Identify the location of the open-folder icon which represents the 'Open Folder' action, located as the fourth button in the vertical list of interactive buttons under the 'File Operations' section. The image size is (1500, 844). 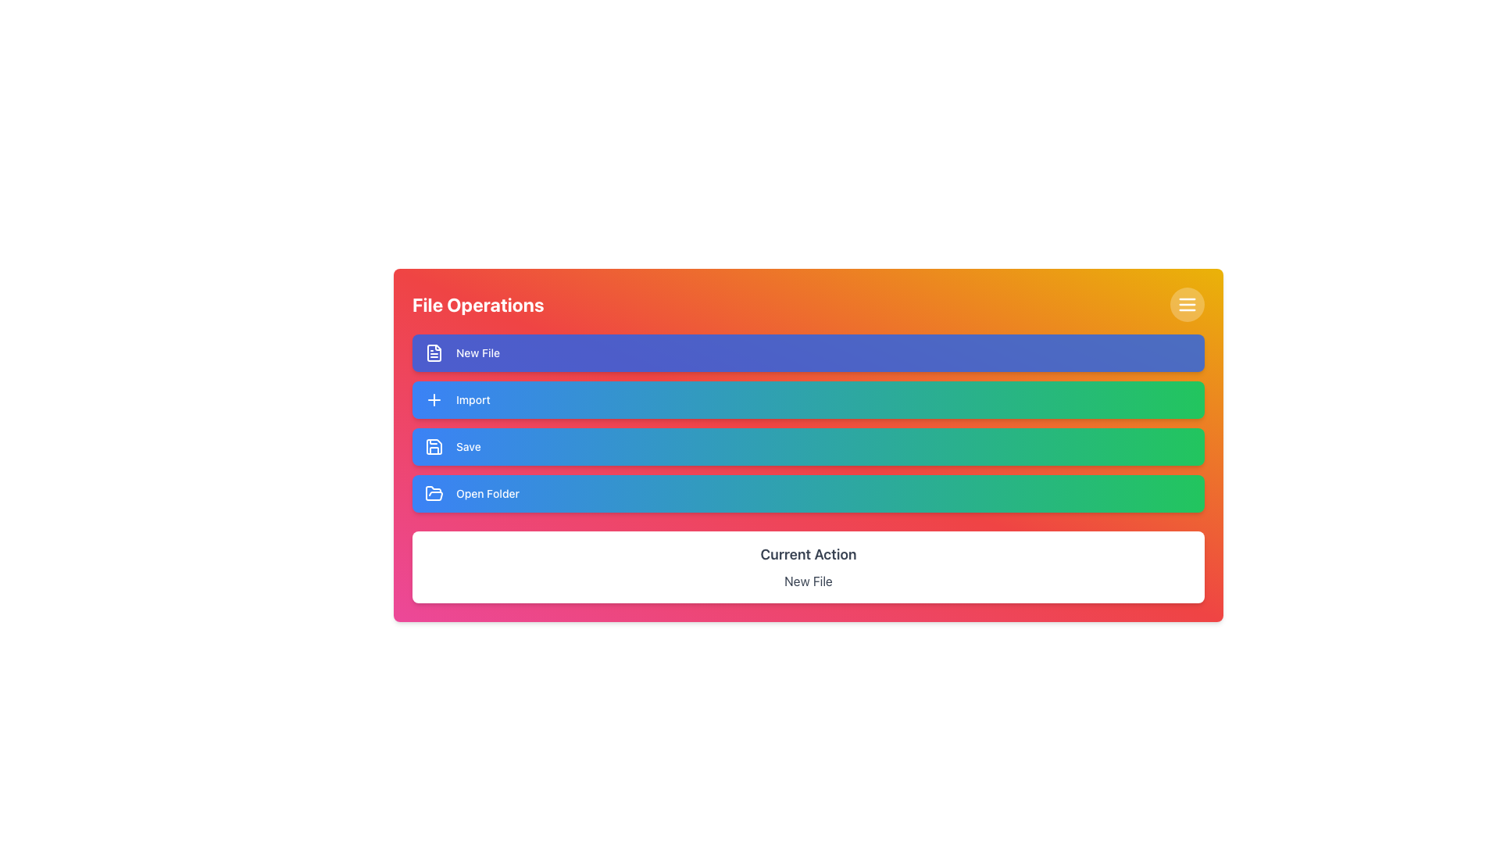
(434, 493).